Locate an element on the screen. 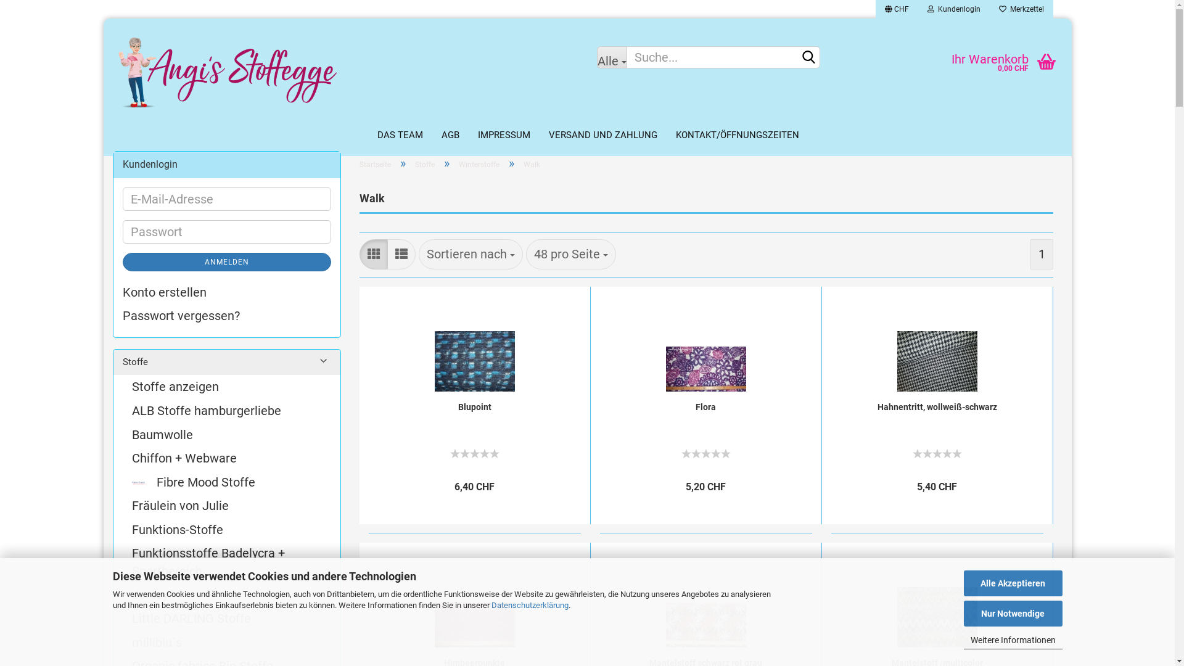  'Little DARLING Stoffe' is located at coordinates (227, 619).